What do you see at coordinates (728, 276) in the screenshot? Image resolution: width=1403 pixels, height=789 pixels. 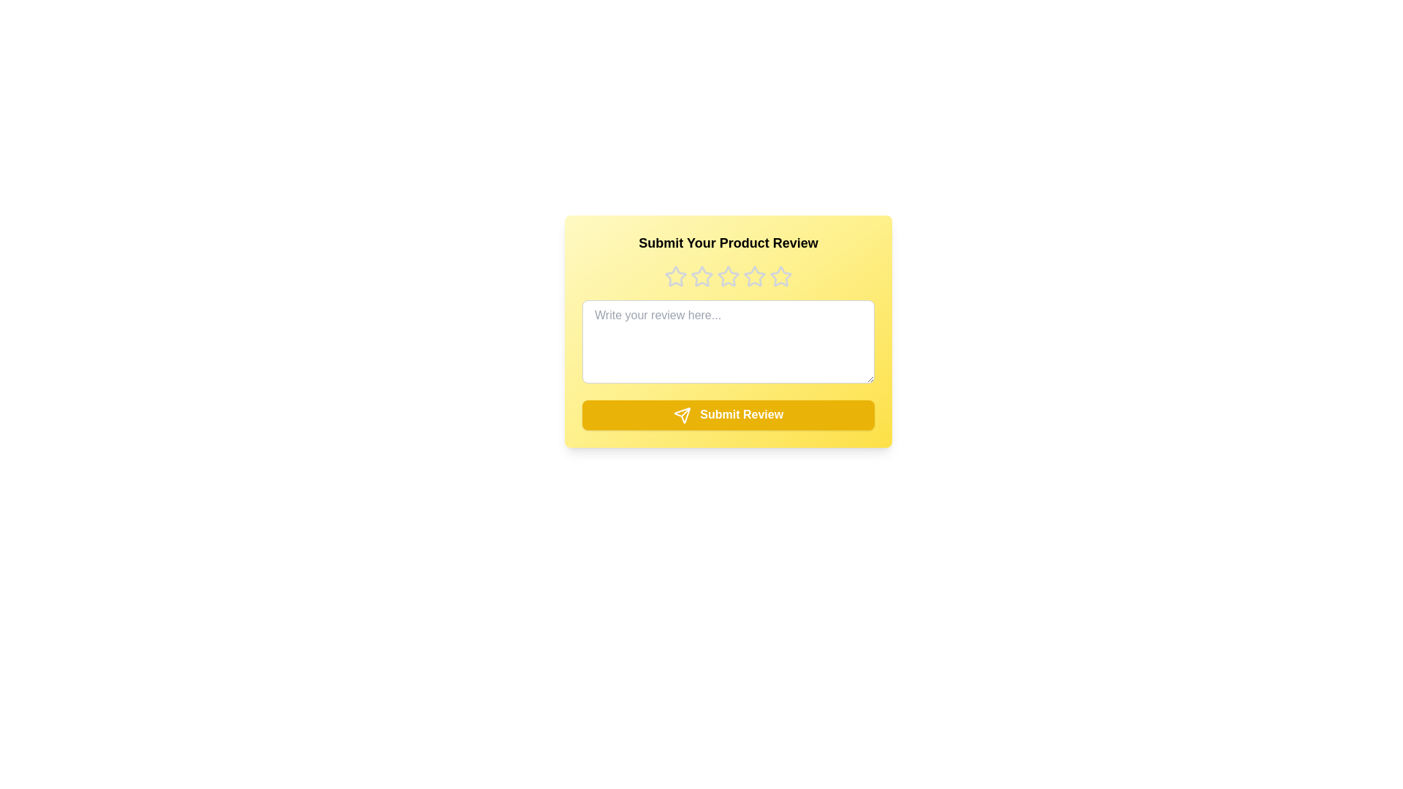 I see `the third star icon` at bounding box center [728, 276].